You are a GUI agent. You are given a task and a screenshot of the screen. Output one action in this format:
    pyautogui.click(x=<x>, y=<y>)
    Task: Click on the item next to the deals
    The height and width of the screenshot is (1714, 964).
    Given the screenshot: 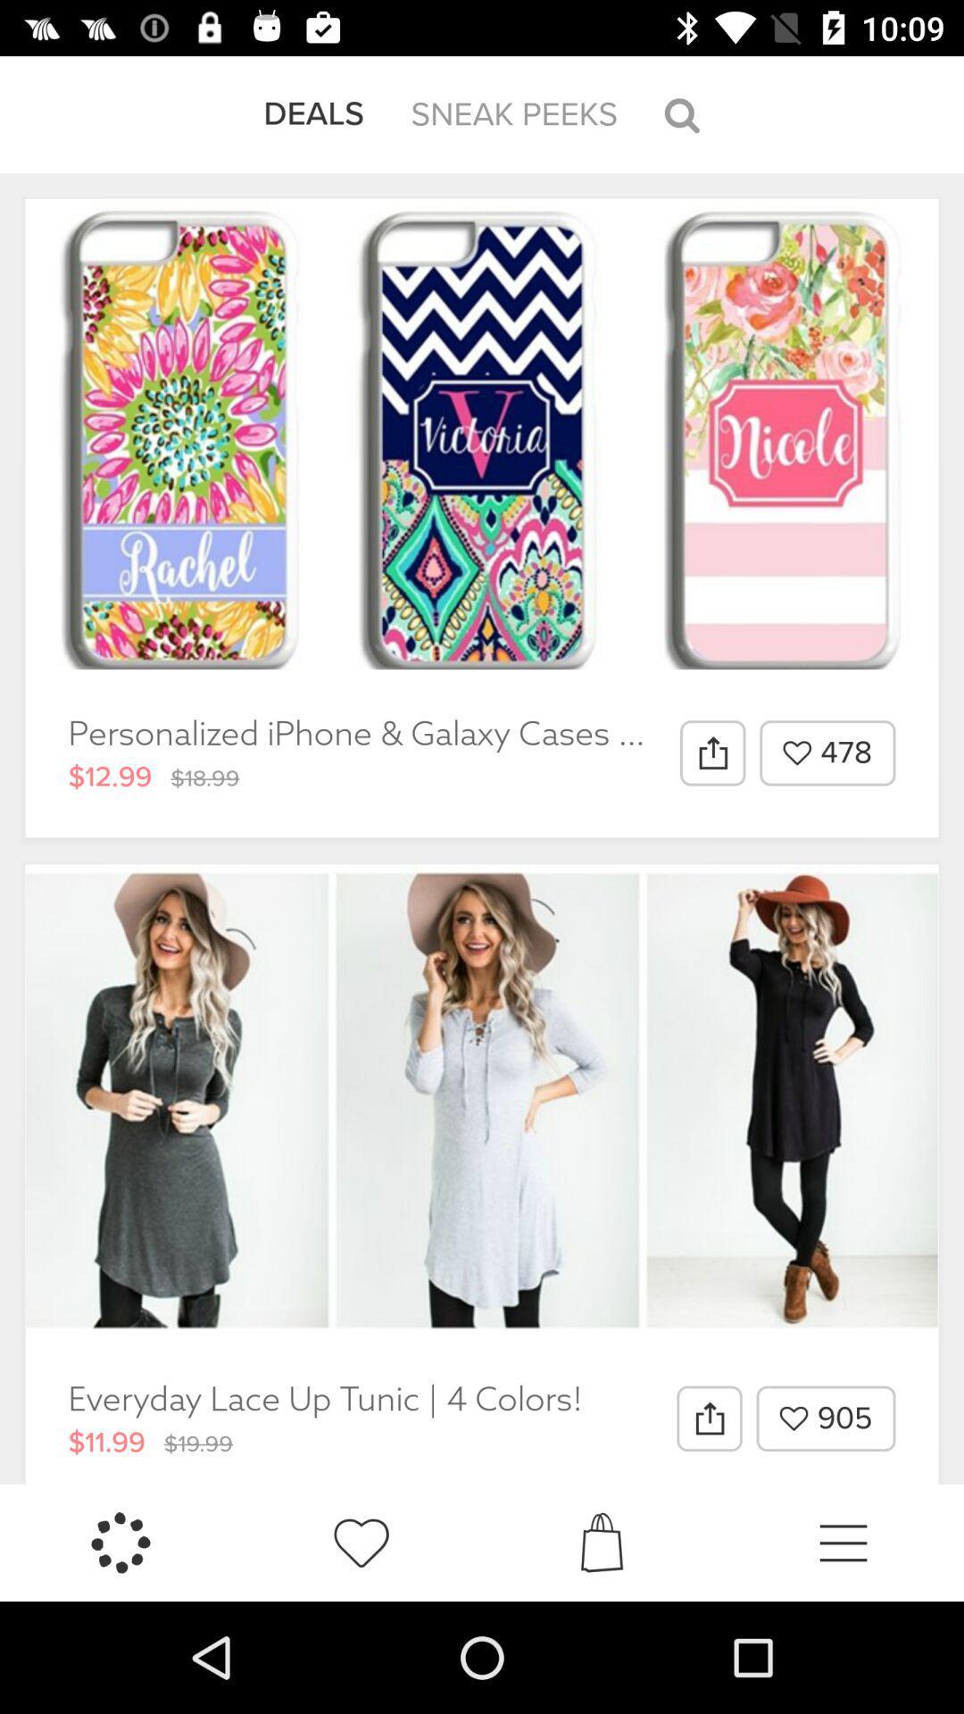 What is the action you would take?
    pyautogui.click(x=514, y=113)
    